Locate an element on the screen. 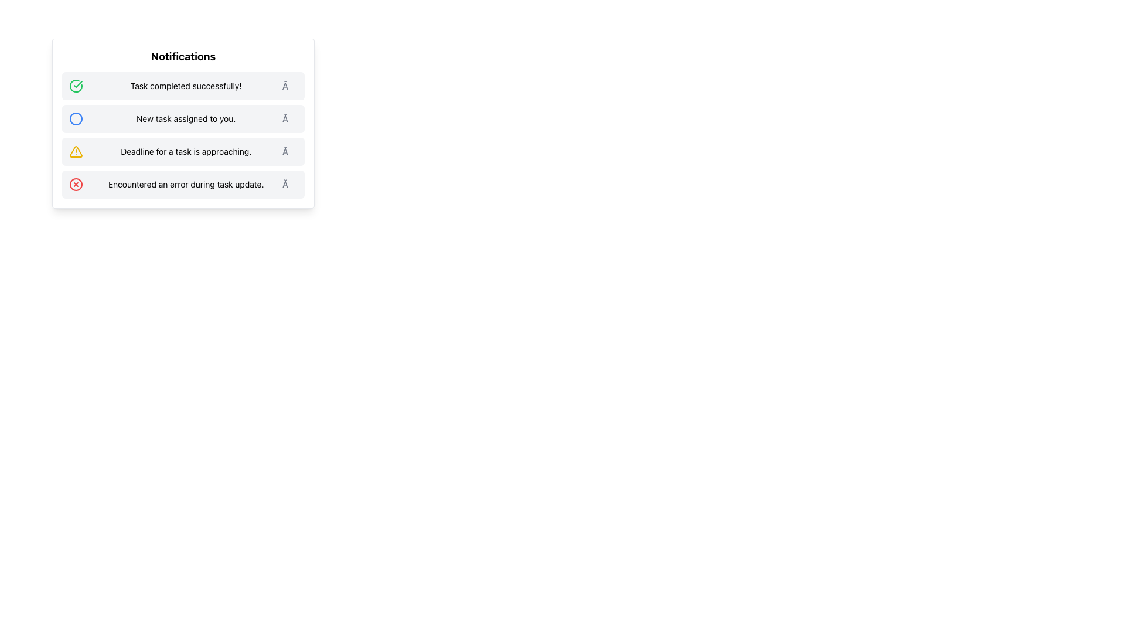 Image resolution: width=1125 pixels, height=633 pixels. success status text of the first notification item, which is centrally positioned within the notification box and accompanied by a checkmark icon to its left and a close button to its right is located at coordinates (185, 85).